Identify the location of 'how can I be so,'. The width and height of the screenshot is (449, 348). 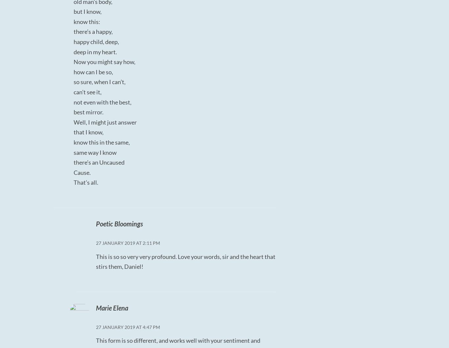
(93, 72).